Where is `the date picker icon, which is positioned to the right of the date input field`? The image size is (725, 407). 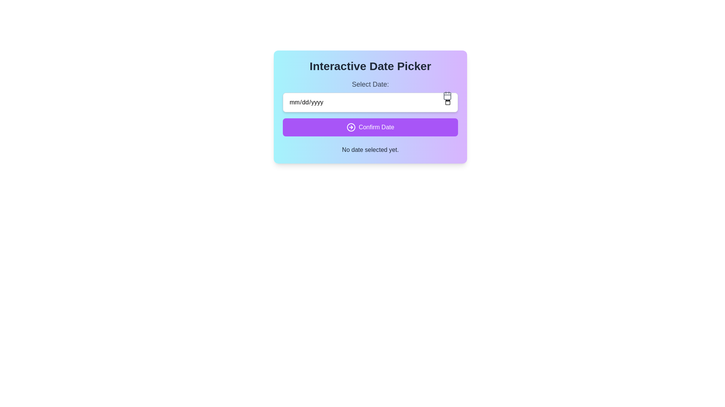 the date picker icon, which is positioned to the right of the date input field is located at coordinates (447, 95).